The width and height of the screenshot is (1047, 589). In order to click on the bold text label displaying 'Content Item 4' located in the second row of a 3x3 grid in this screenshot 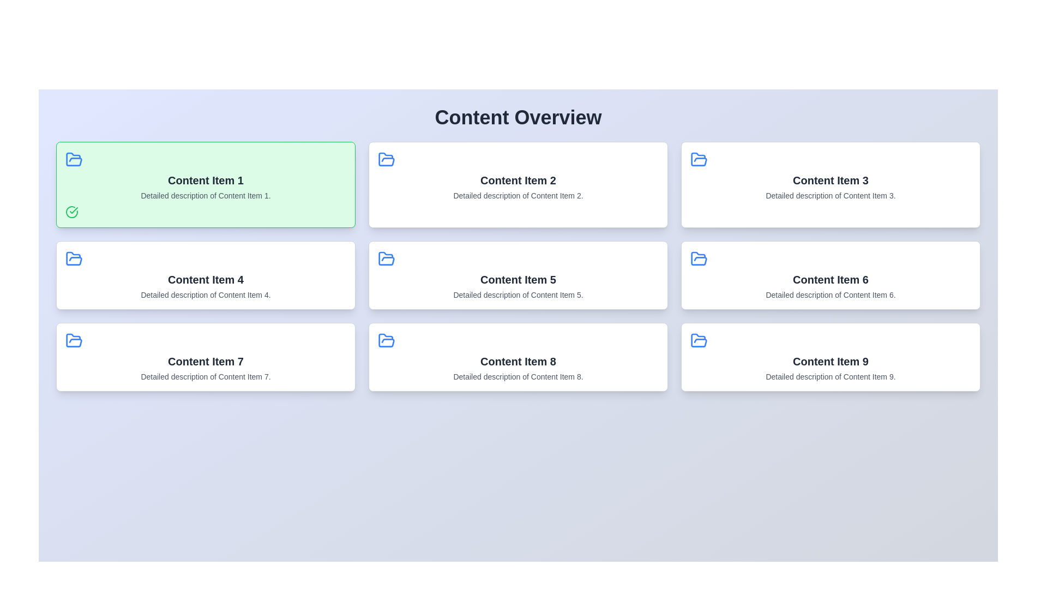, I will do `click(206, 279)`.